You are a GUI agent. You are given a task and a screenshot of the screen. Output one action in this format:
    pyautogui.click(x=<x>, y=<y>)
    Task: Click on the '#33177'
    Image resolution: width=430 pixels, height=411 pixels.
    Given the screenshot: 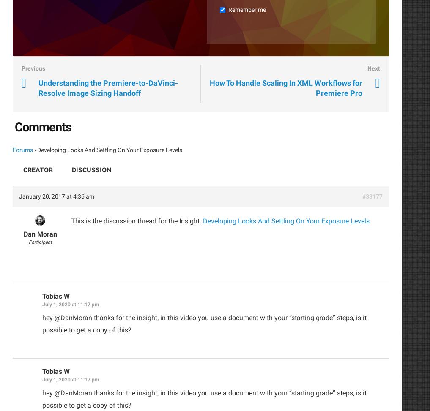 What is the action you would take?
    pyautogui.click(x=372, y=196)
    